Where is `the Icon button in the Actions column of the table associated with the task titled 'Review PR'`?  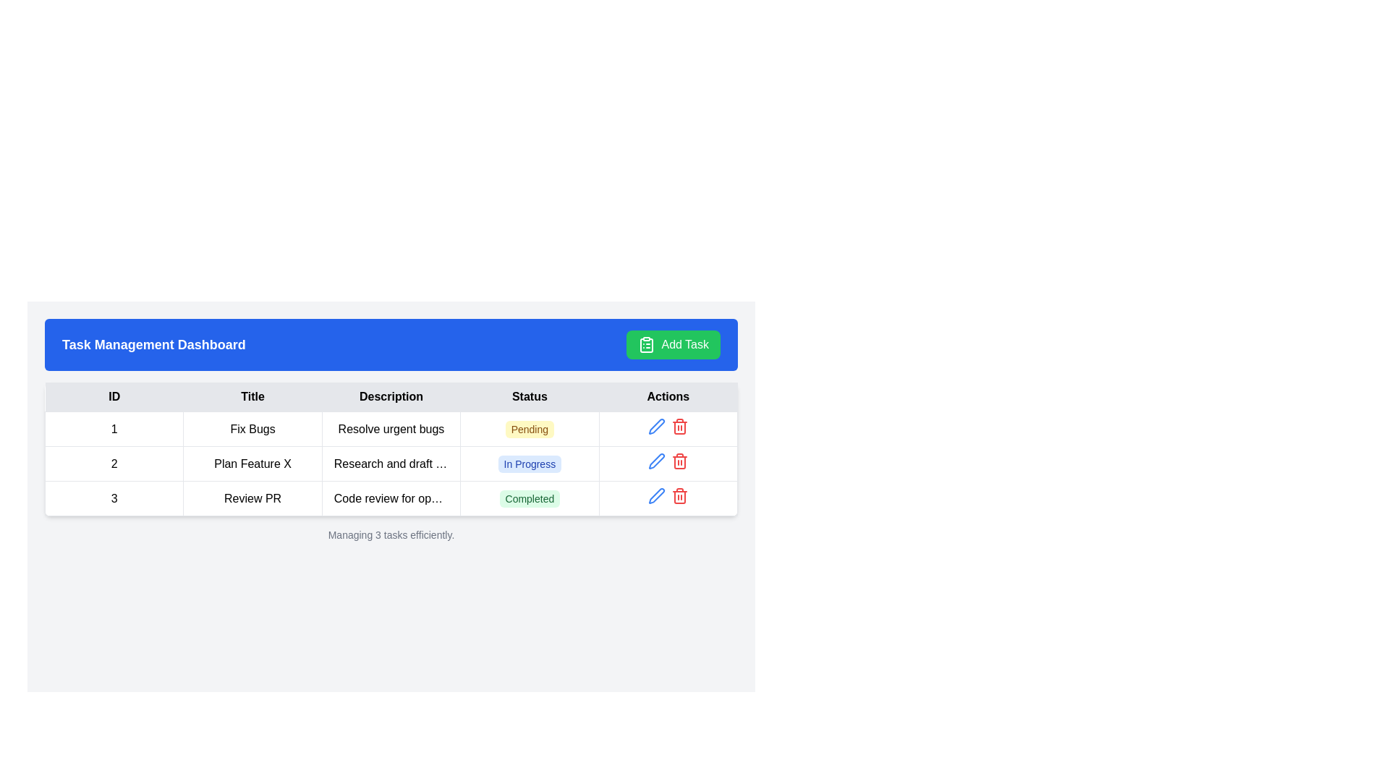
the Icon button in the Actions column of the table associated with the task titled 'Review PR' is located at coordinates (679, 461).